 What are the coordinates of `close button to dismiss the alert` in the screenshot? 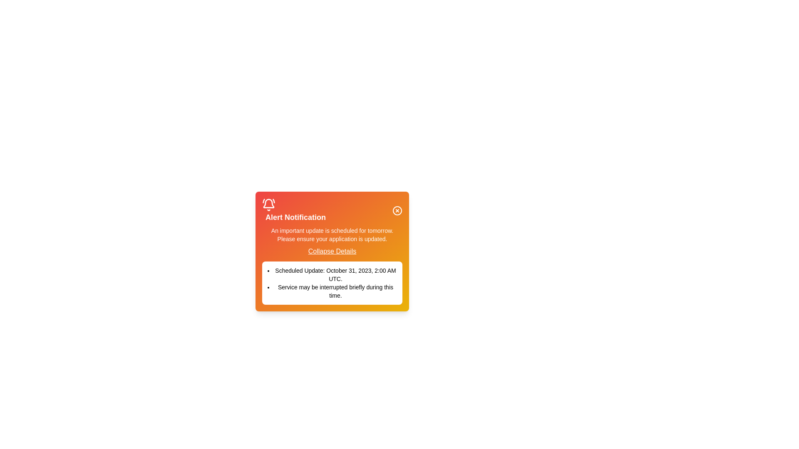 It's located at (397, 210).